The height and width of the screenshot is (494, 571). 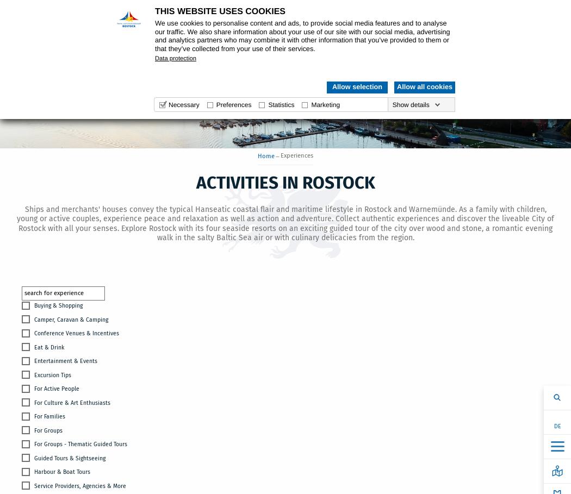 What do you see at coordinates (49, 416) in the screenshot?
I see `'For Families'` at bounding box center [49, 416].